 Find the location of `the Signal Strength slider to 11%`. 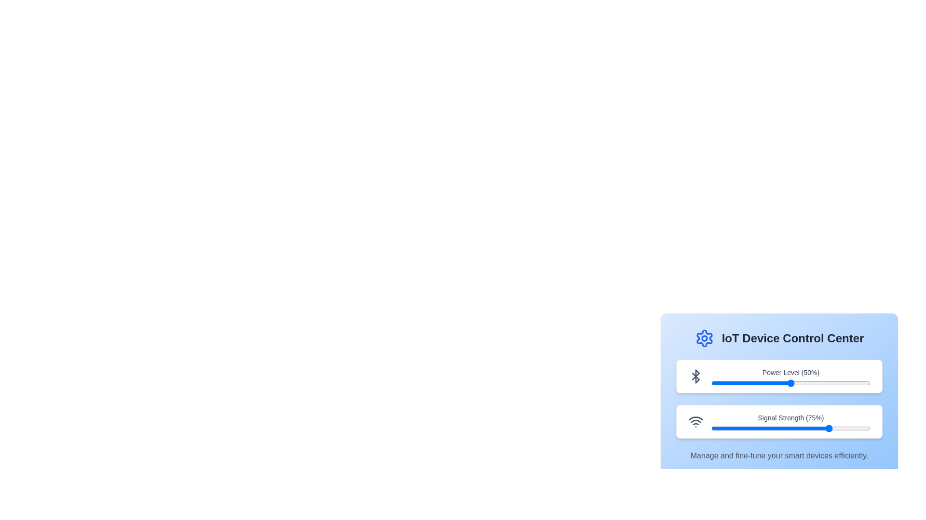

the Signal Strength slider to 11% is located at coordinates (729, 428).